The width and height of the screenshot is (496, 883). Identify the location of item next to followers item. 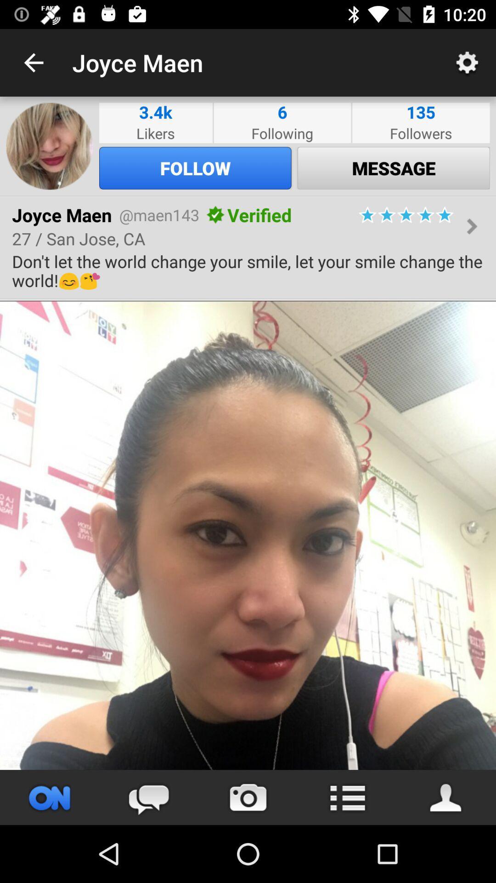
(282, 111).